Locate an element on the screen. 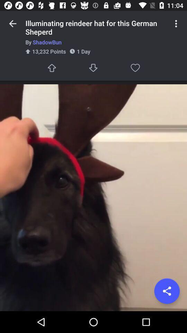  the by shadowbun icon is located at coordinates (96, 42).